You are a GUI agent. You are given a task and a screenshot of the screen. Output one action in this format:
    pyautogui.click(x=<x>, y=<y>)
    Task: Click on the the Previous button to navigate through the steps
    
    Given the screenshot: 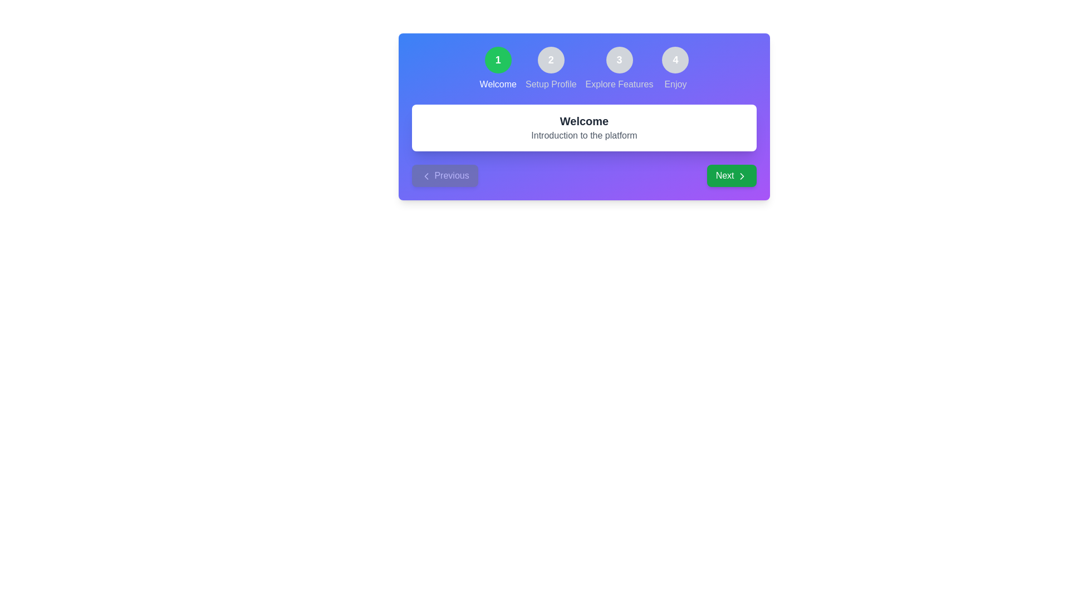 What is the action you would take?
    pyautogui.click(x=444, y=175)
    